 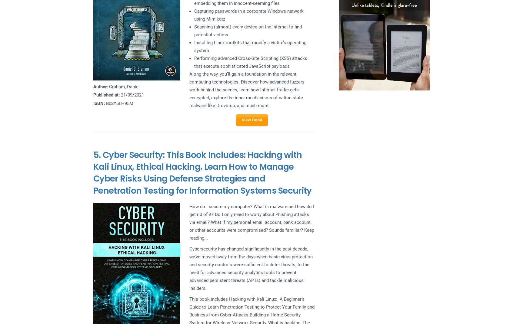 What do you see at coordinates (124, 86) in the screenshot?
I see `'Graham, Daniel'` at bounding box center [124, 86].